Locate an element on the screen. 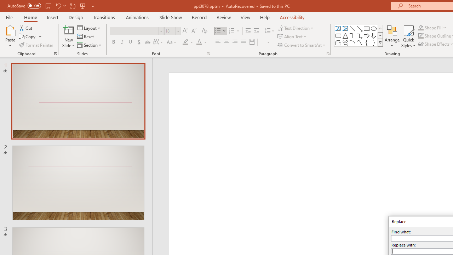  'Paste' is located at coordinates (10, 30).